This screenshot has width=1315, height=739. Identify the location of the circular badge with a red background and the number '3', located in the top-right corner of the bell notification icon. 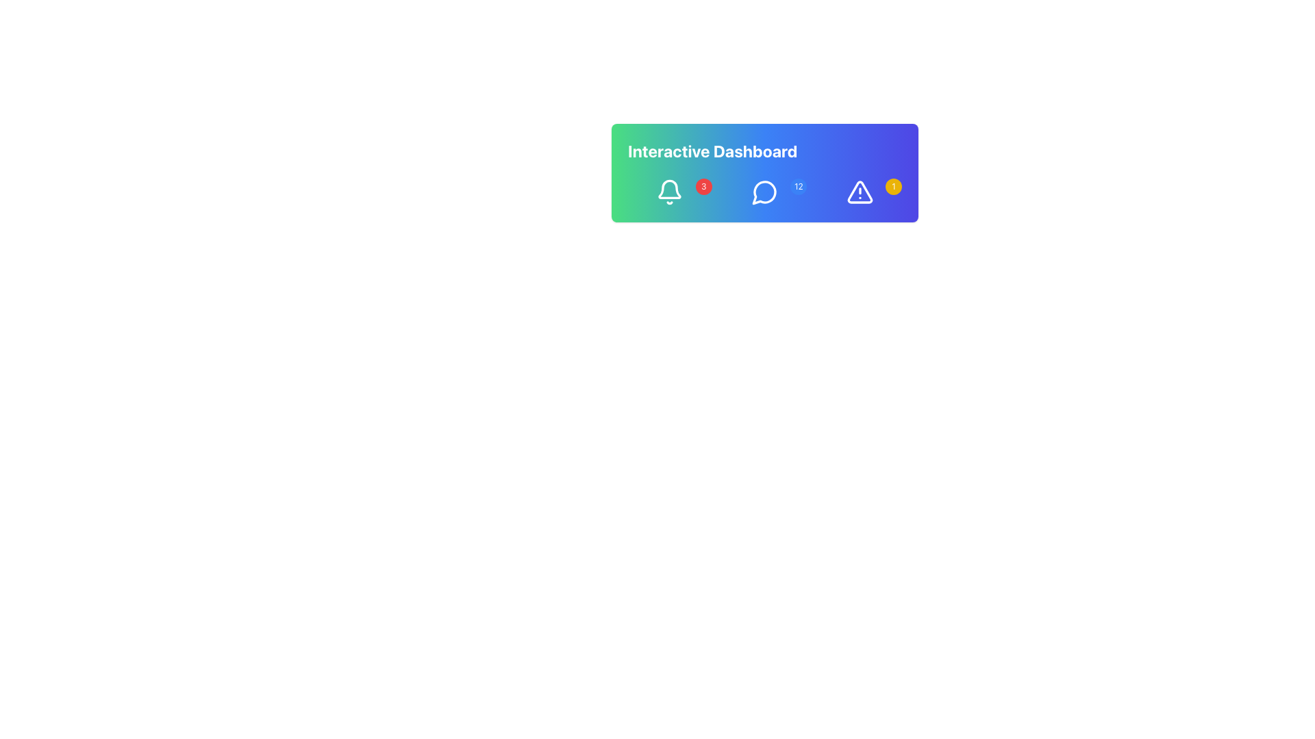
(703, 187).